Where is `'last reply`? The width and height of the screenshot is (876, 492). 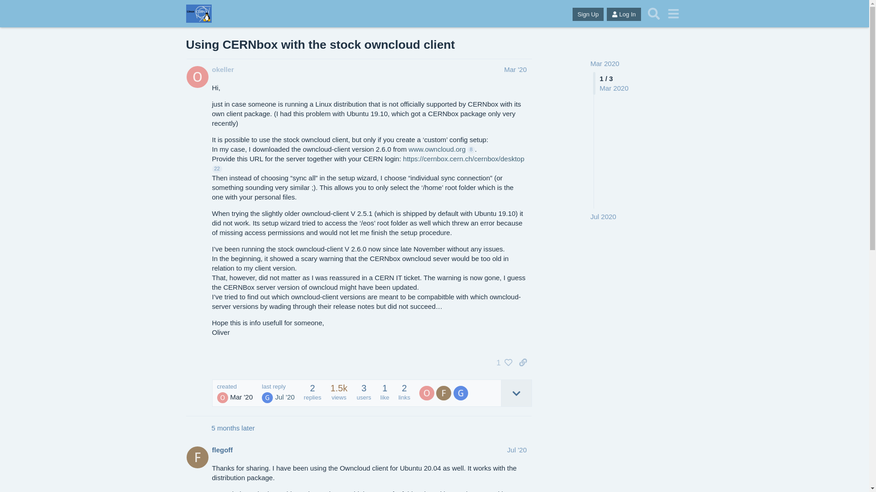 'last reply is located at coordinates (277, 393).